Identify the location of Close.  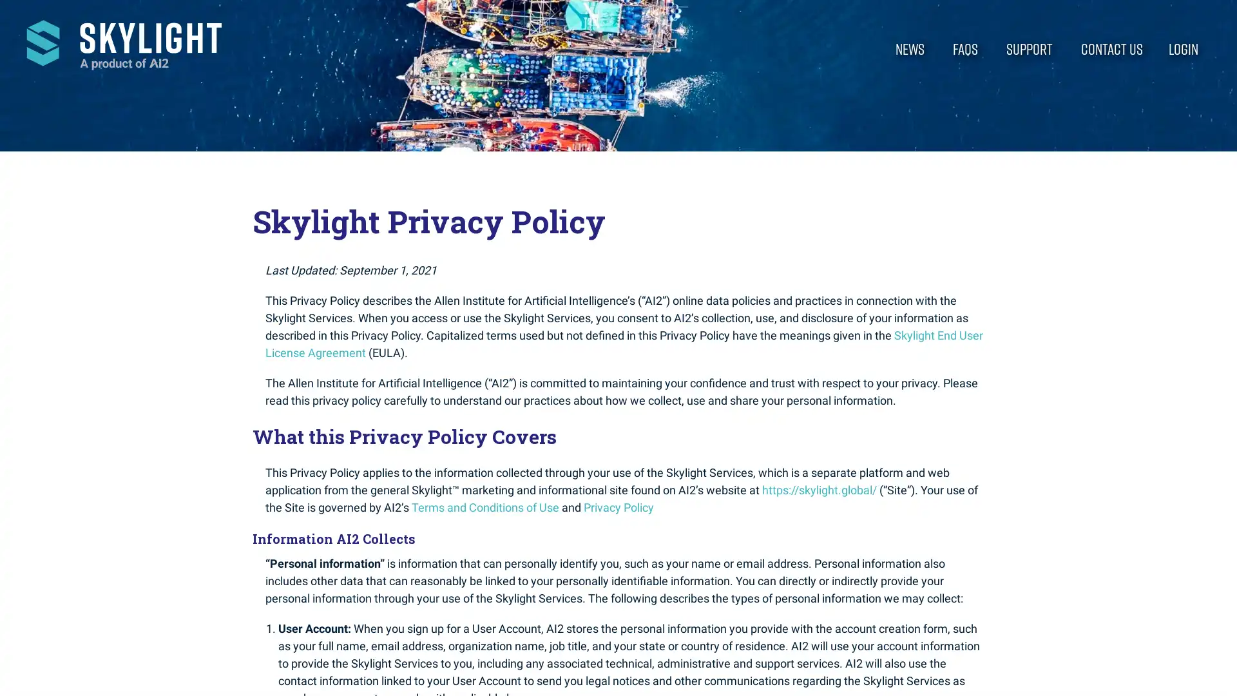
(1215, 667).